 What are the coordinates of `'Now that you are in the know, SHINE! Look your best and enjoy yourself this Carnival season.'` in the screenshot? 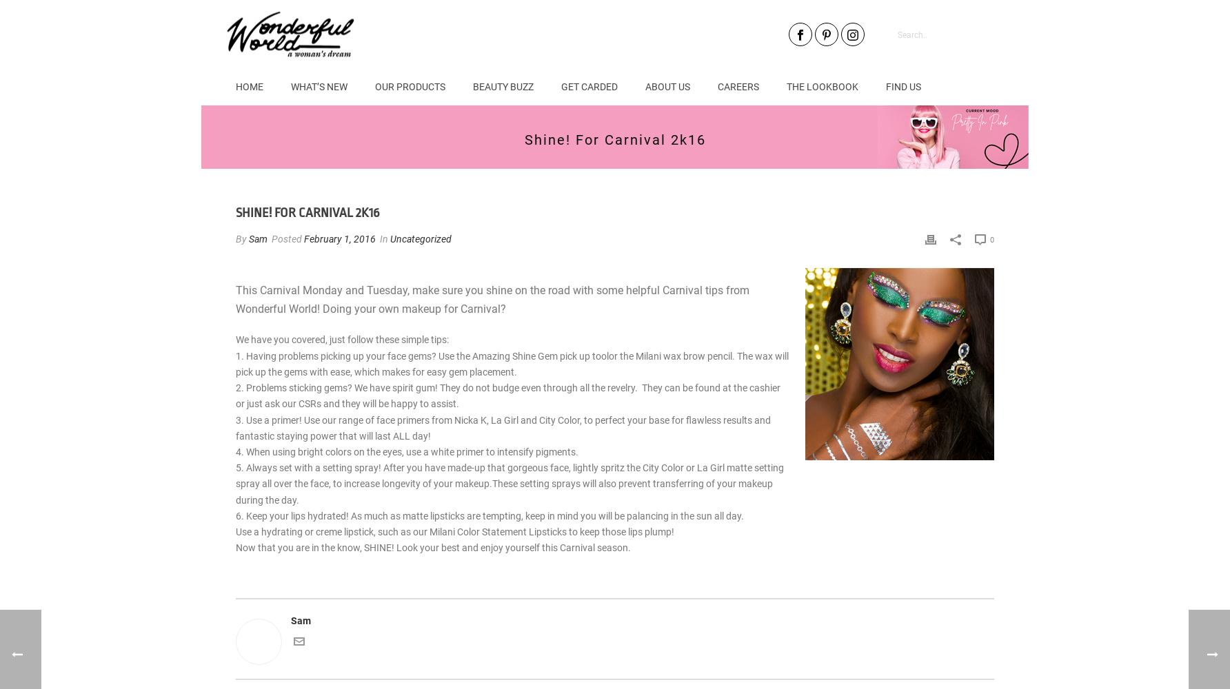 It's located at (432, 548).